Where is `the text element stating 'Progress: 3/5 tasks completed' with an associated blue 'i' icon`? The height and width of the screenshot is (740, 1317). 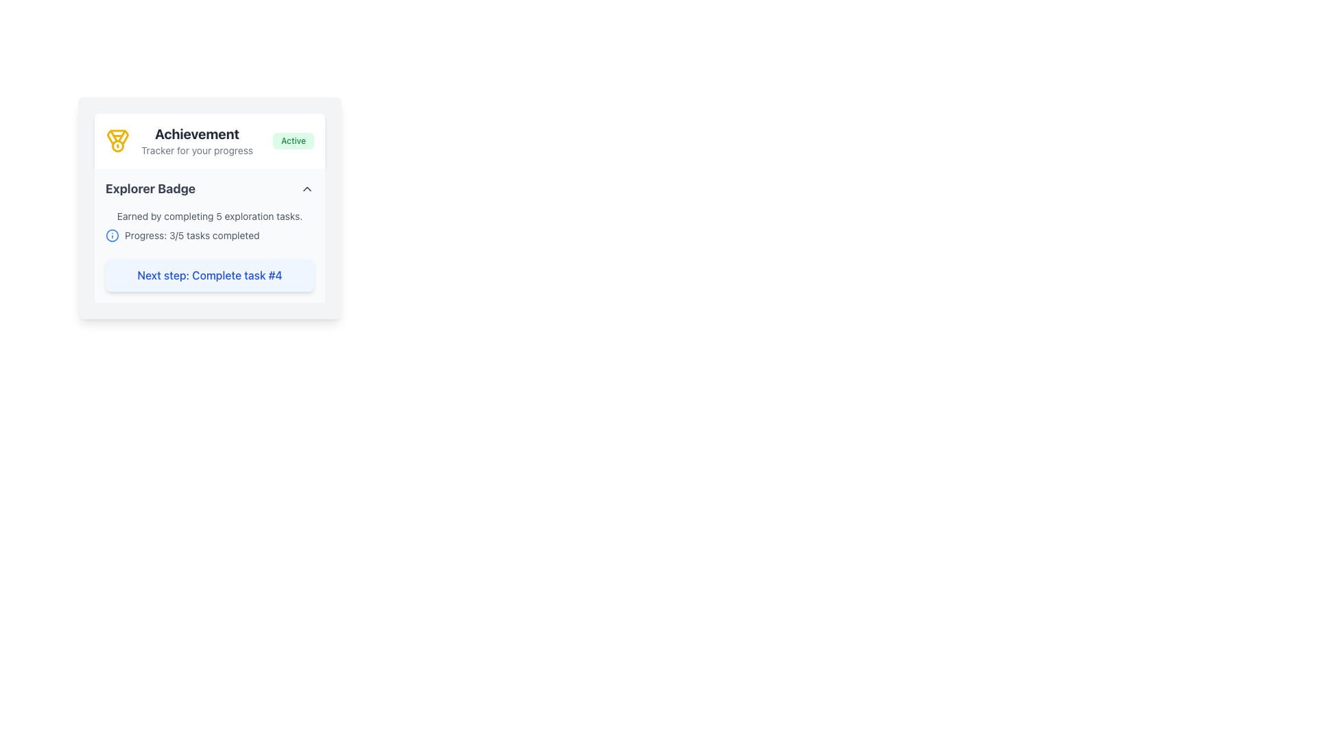
the text element stating 'Progress: 3/5 tasks completed' with an associated blue 'i' icon is located at coordinates (209, 234).